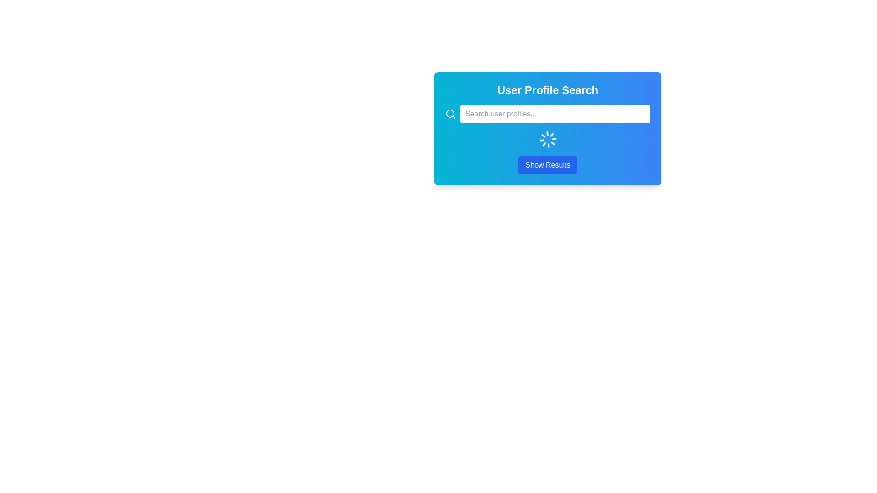 The image size is (877, 493). Describe the element at coordinates (548, 139) in the screenshot. I see `the animated state of the loading spinner located centrally below the search bar and above the 'Show Results' button` at that location.